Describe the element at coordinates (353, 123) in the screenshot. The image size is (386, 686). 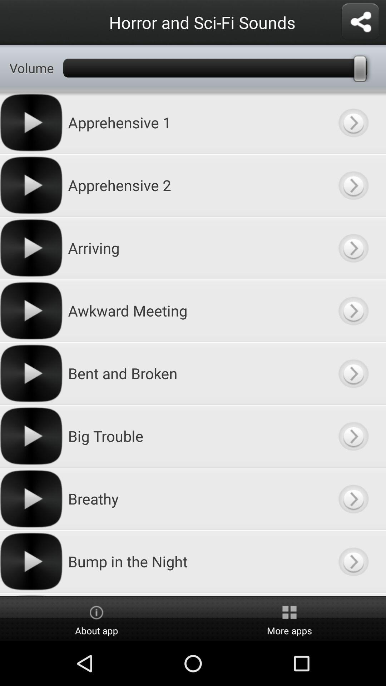
I see `shows other actions for track` at that location.